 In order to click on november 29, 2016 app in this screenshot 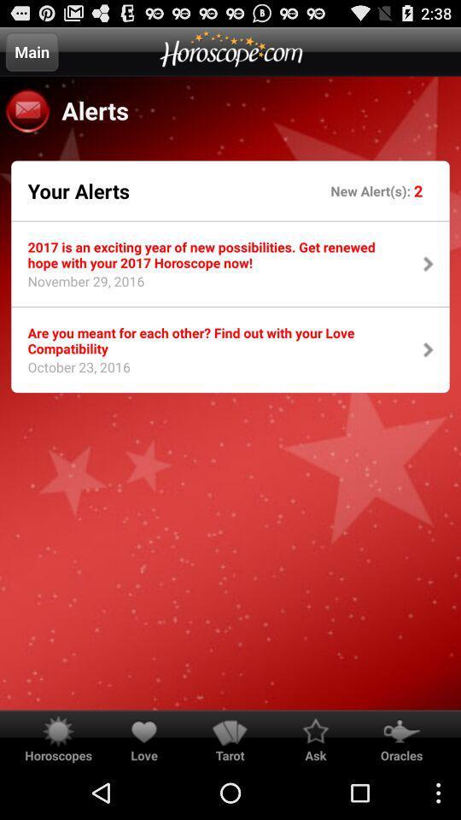, I will do `click(79, 286)`.